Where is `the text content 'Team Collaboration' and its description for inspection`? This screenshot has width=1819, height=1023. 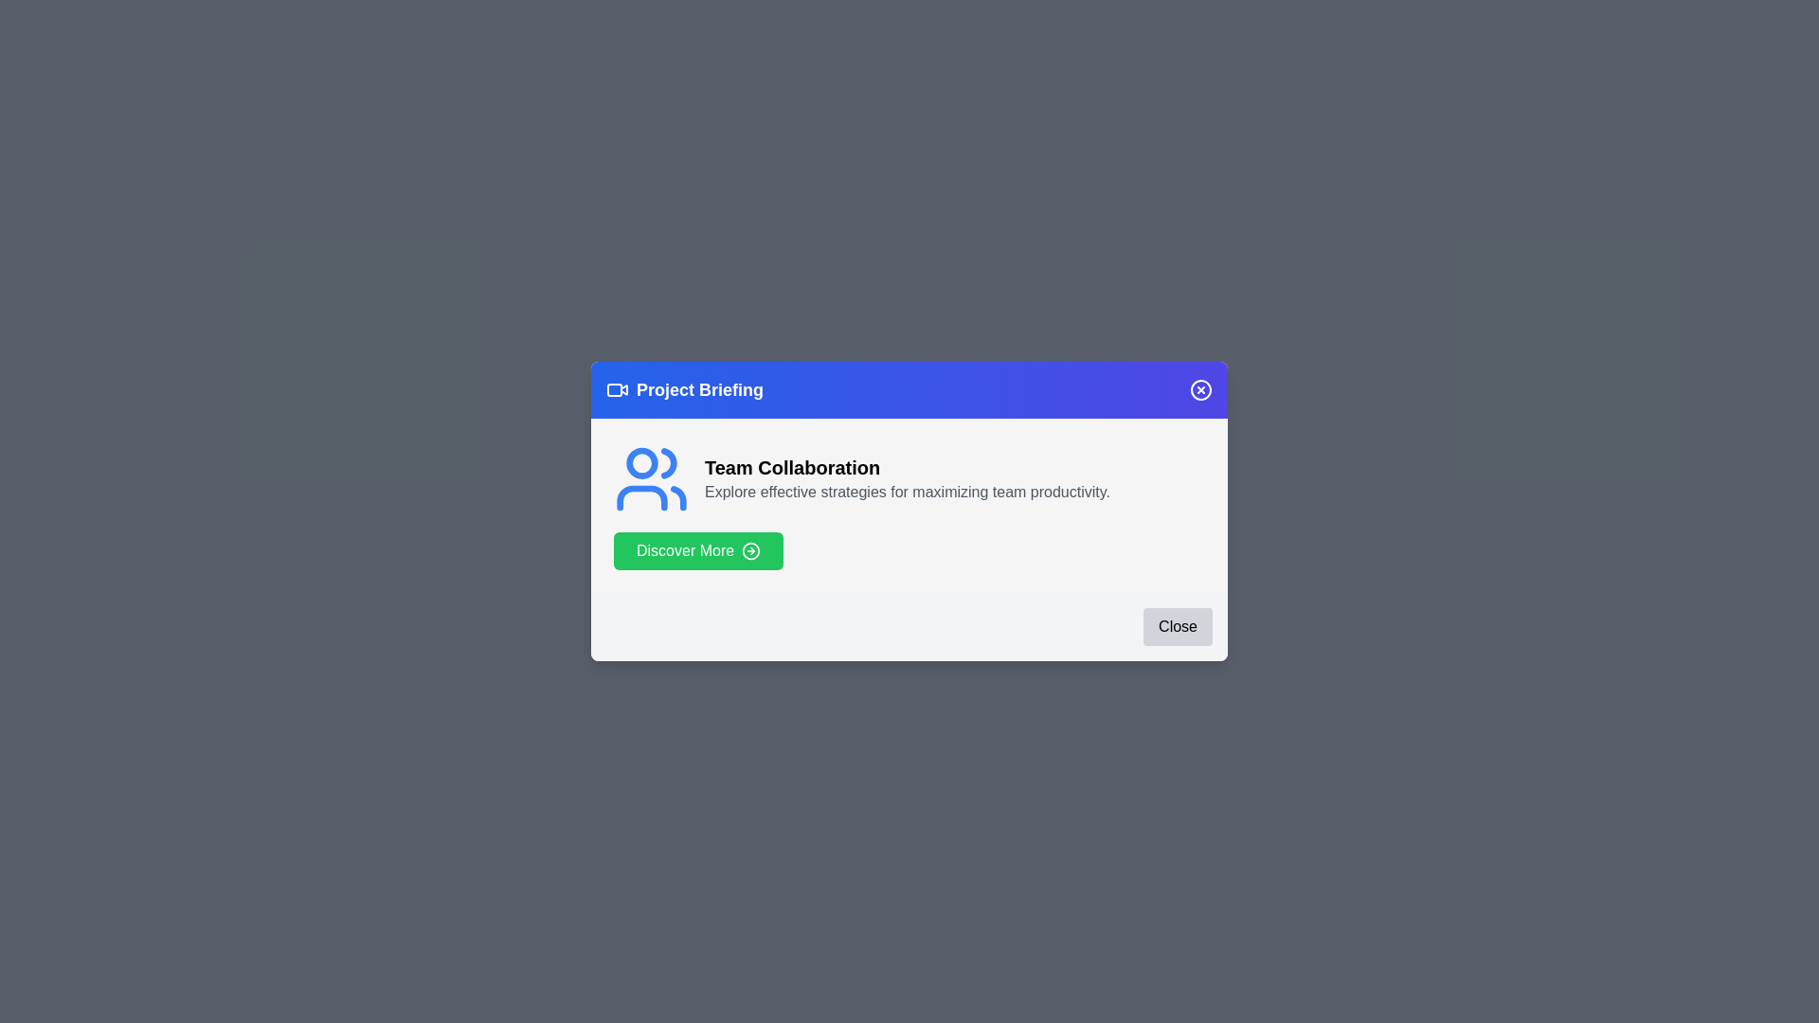
the text content 'Team Collaboration' and its description for inspection is located at coordinates (909, 467).